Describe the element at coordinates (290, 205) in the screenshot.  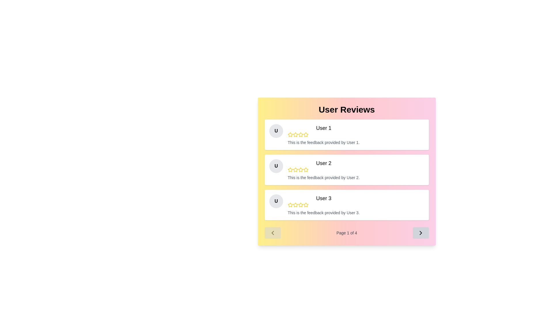
I see `the first star icon in the rating system of the third review card associated with 'User 3'` at that location.